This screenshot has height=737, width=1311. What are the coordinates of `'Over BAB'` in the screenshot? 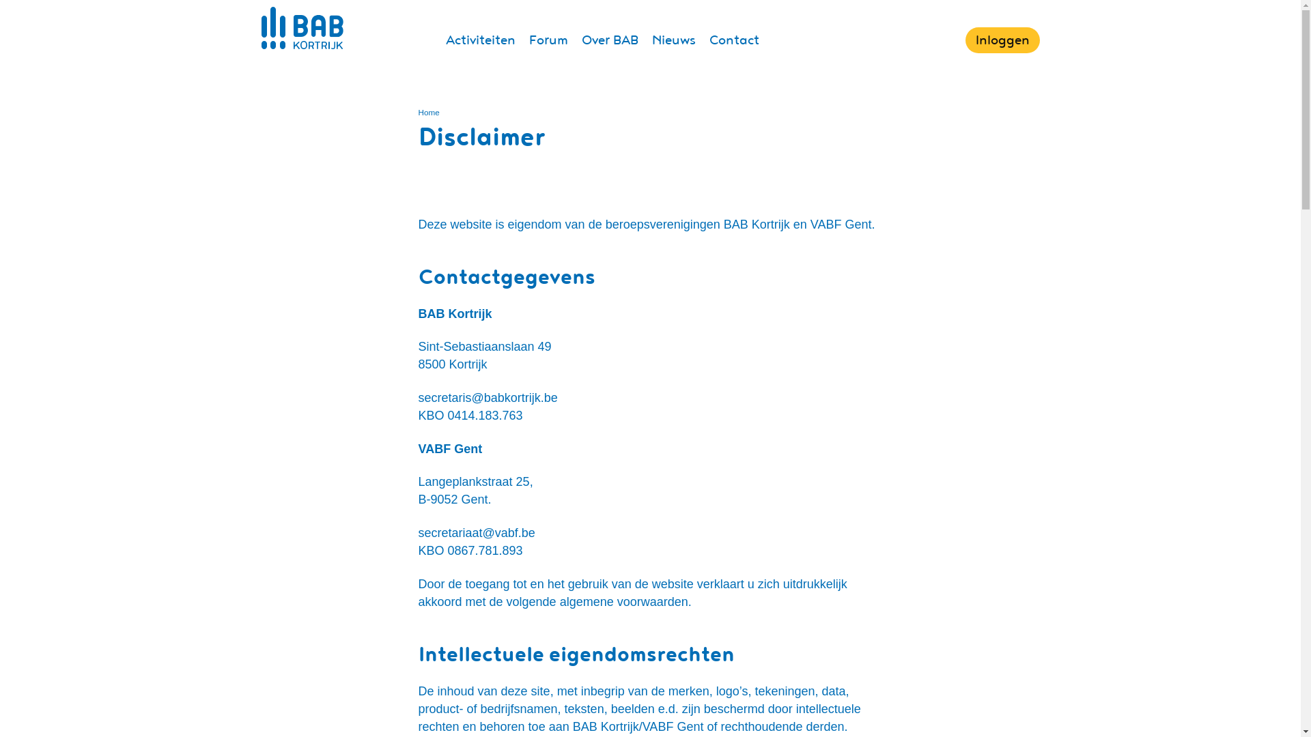 It's located at (609, 39).